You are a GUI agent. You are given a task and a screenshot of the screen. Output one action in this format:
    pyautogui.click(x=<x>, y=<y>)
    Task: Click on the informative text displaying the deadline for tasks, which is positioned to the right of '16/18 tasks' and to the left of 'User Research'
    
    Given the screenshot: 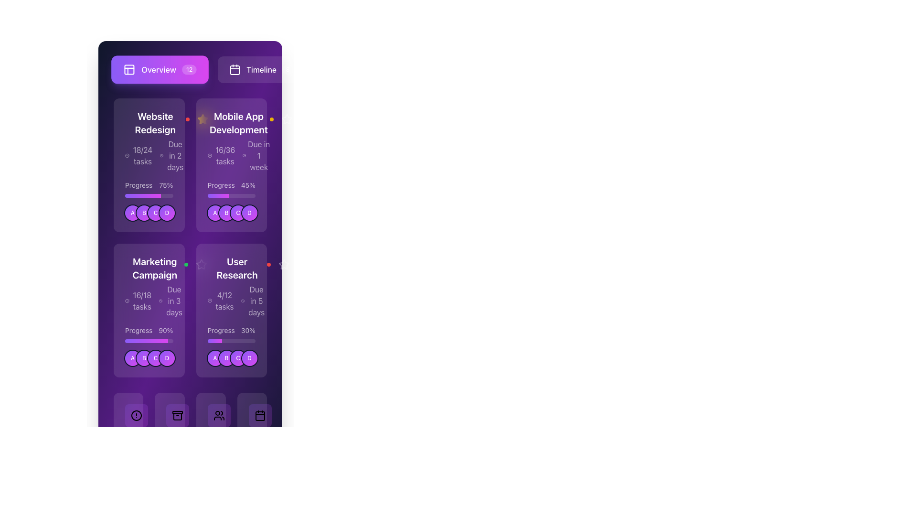 What is the action you would take?
    pyautogui.click(x=171, y=300)
    